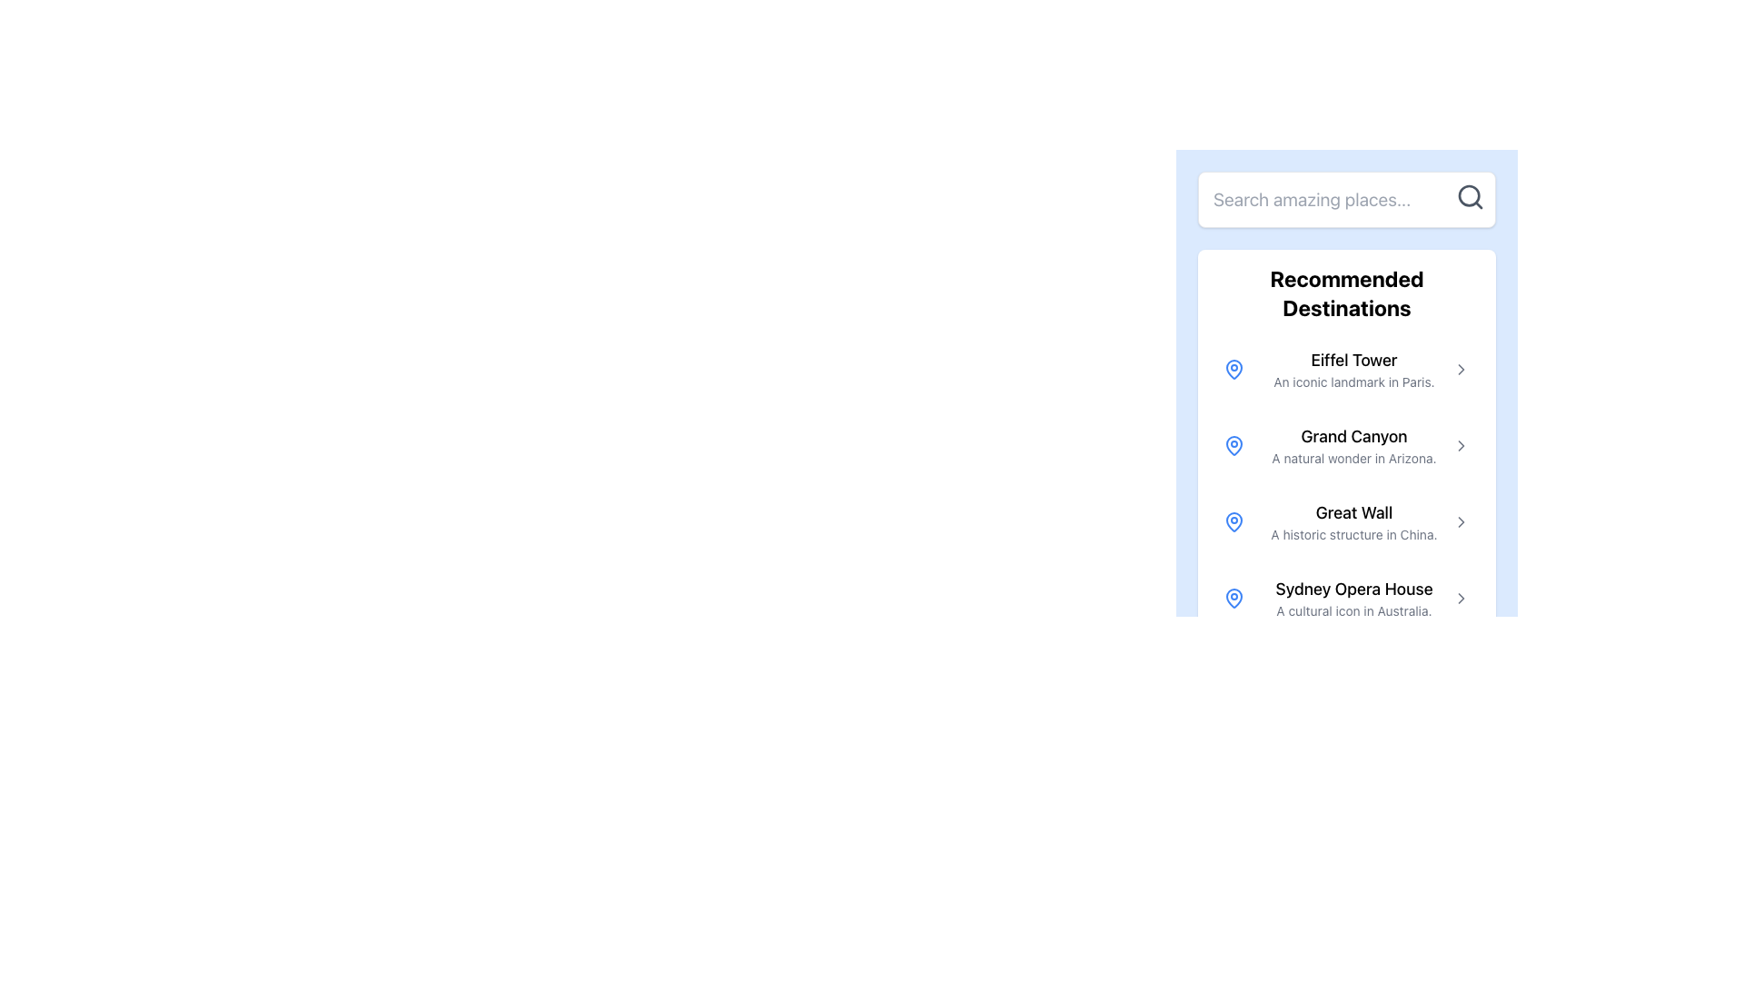 The width and height of the screenshot is (1744, 981). What do you see at coordinates (1461, 369) in the screenshot?
I see `the navigational icon related to the 'Eiffel Tower' listing` at bounding box center [1461, 369].